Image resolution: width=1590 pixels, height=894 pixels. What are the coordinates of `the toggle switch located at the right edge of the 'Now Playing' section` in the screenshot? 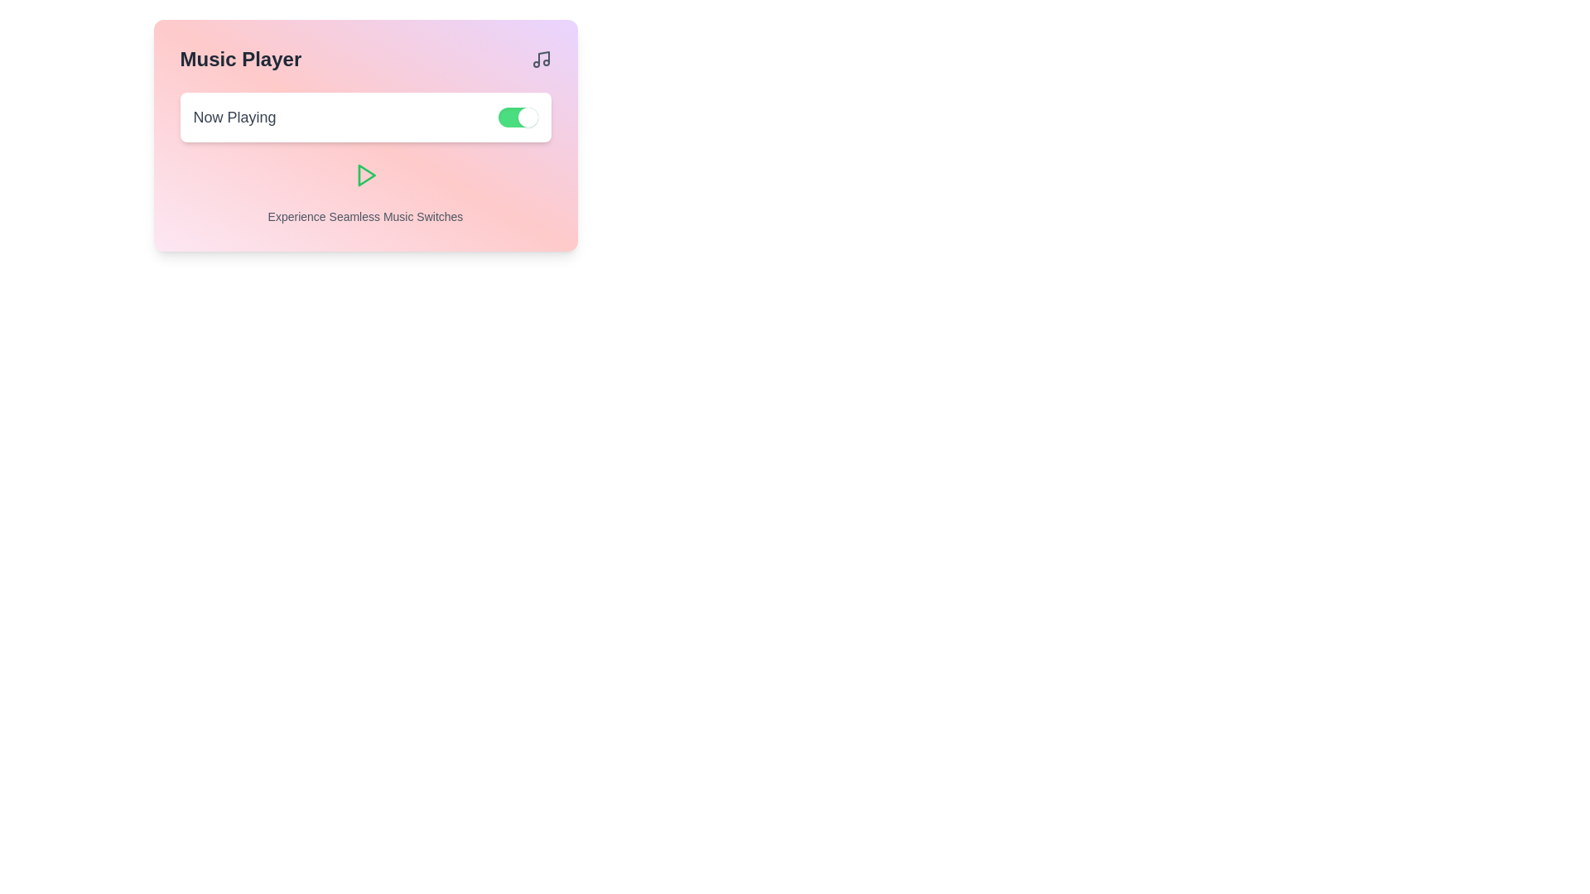 It's located at (517, 117).